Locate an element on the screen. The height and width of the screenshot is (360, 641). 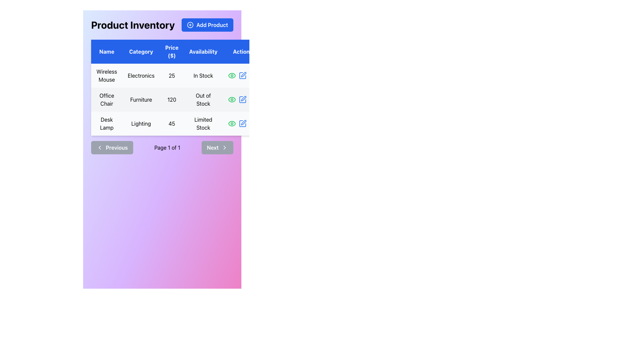
the text label displaying 'Category' in white font on a blue background, which is part of the header row in a table layout for inventory data is located at coordinates (141, 51).